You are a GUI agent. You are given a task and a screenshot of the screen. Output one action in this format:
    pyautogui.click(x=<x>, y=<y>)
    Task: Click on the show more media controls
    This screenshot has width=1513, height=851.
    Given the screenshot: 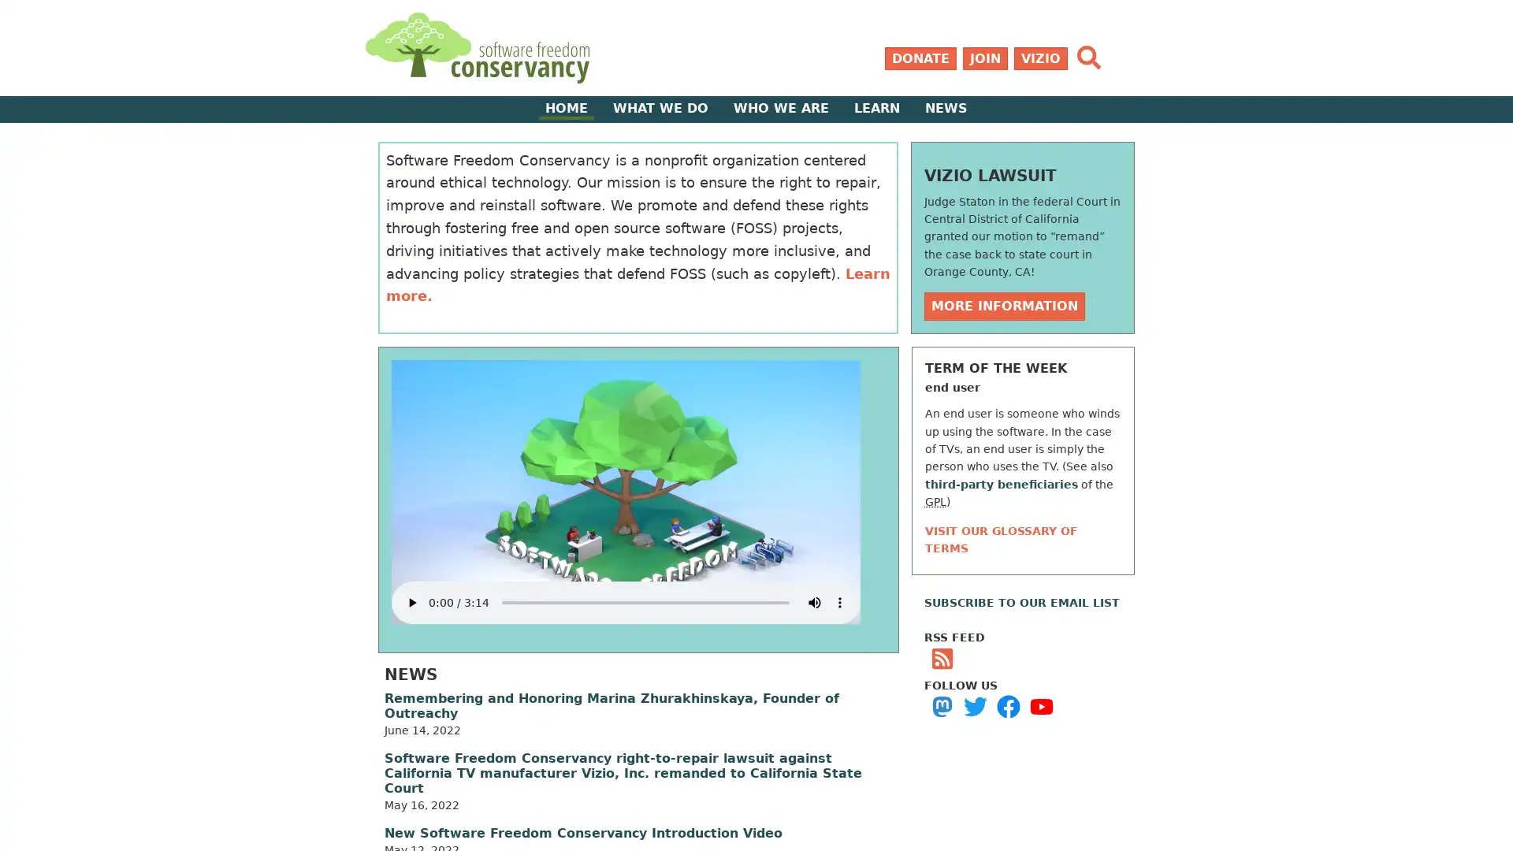 What is the action you would take?
    pyautogui.click(x=838, y=601)
    